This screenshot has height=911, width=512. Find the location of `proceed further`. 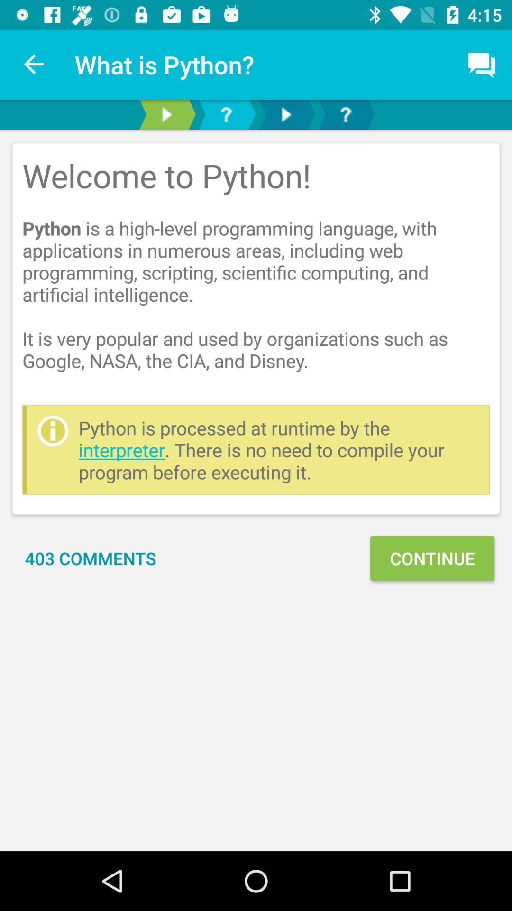

proceed further is located at coordinates (285, 114).